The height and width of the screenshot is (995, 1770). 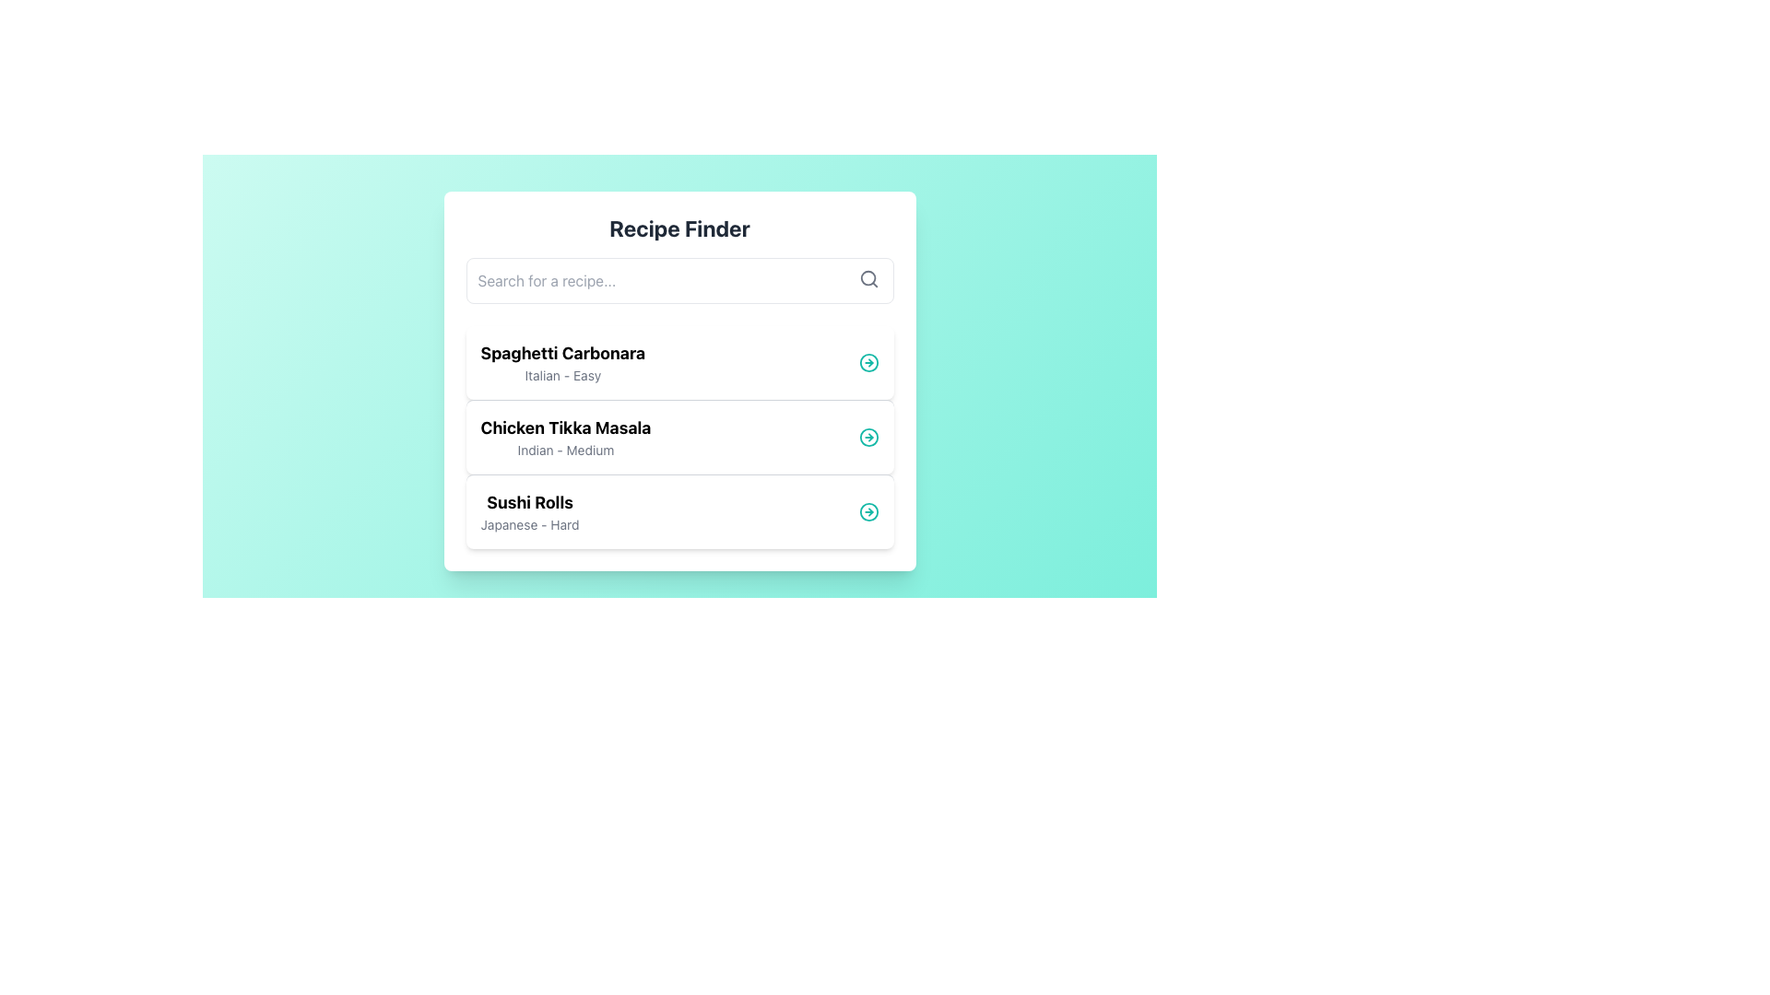 What do you see at coordinates (561, 362) in the screenshot?
I see `information displayed on the text label titled 'Spaghetti Carbonara' which provides details about the recipe as the first entry in the 'Recipe Finder'` at bounding box center [561, 362].